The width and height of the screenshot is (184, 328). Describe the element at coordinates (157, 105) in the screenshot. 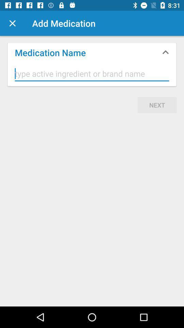

I see `next icon` at that location.